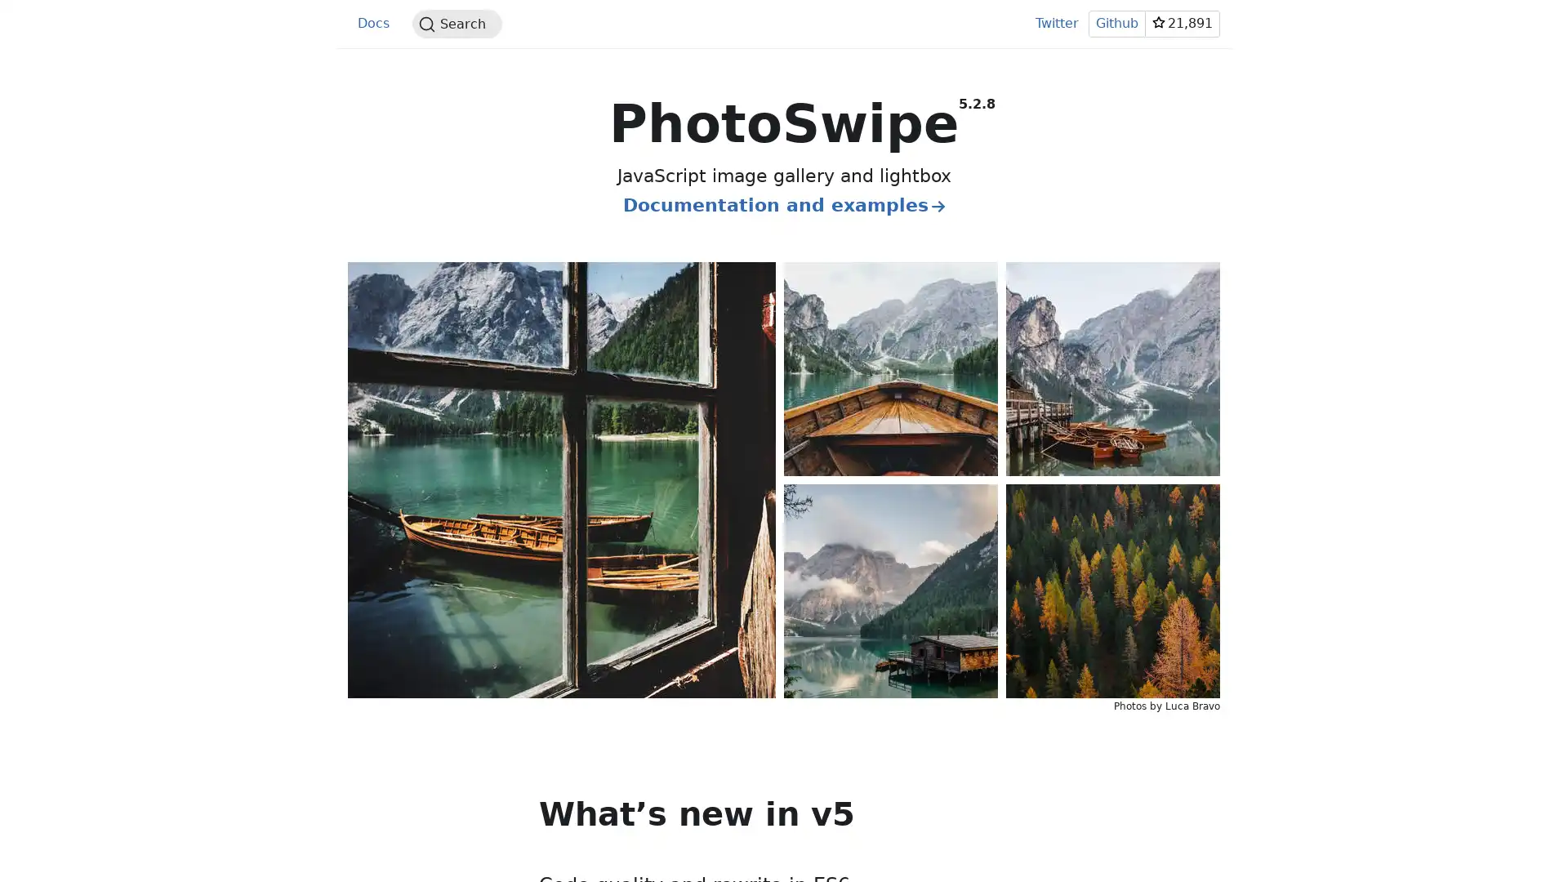 The width and height of the screenshot is (1568, 882). Describe the element at coordinates (457, 24) in the screenshot. I see `Search` at that location.